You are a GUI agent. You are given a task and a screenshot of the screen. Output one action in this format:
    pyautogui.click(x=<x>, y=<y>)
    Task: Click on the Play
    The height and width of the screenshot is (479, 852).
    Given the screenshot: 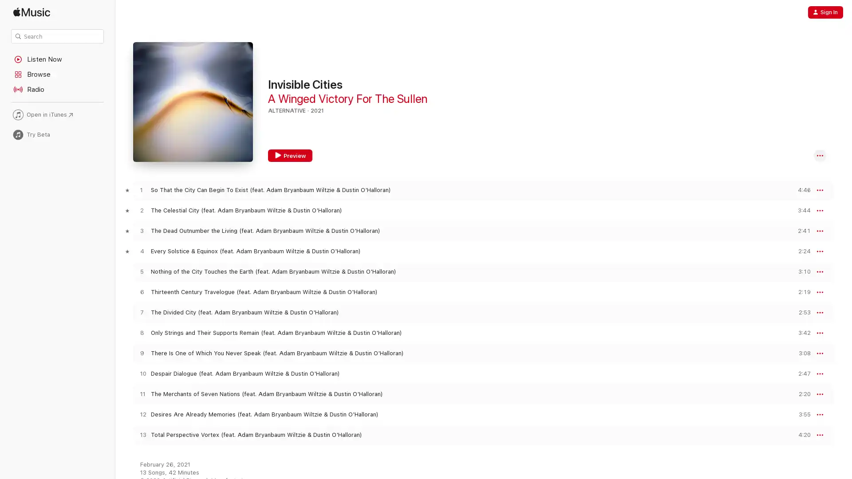 What is the action you would take?
    pyautogui.click(x=141, y=414)
    